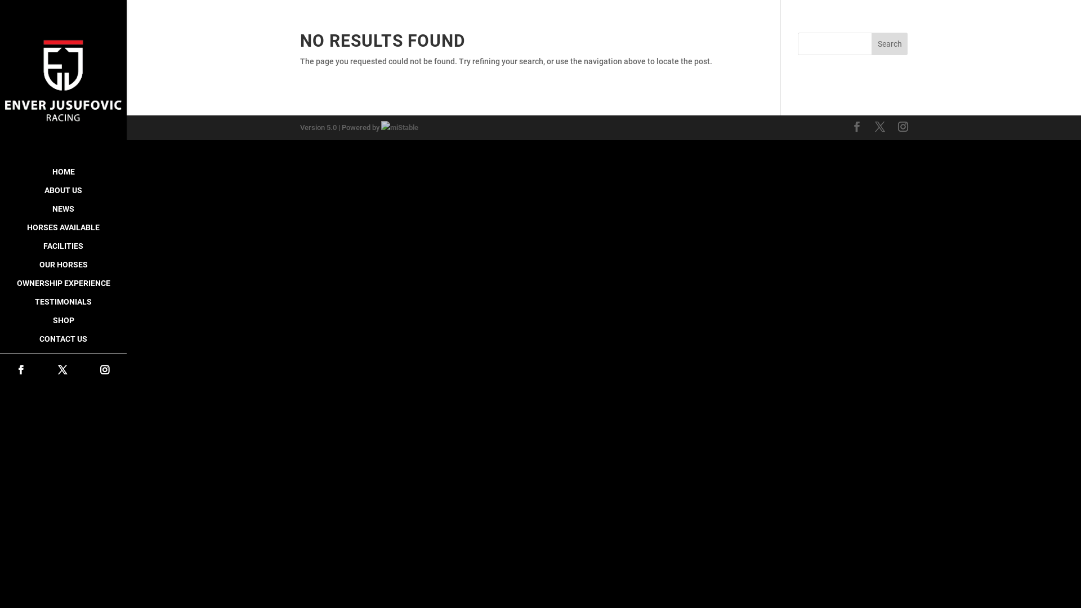 The image size is (1081, 608). What do you see at coordinates (21, 370) in the screenshot?
I see `'FACEBOOK'` at bounding box center [21, 370].